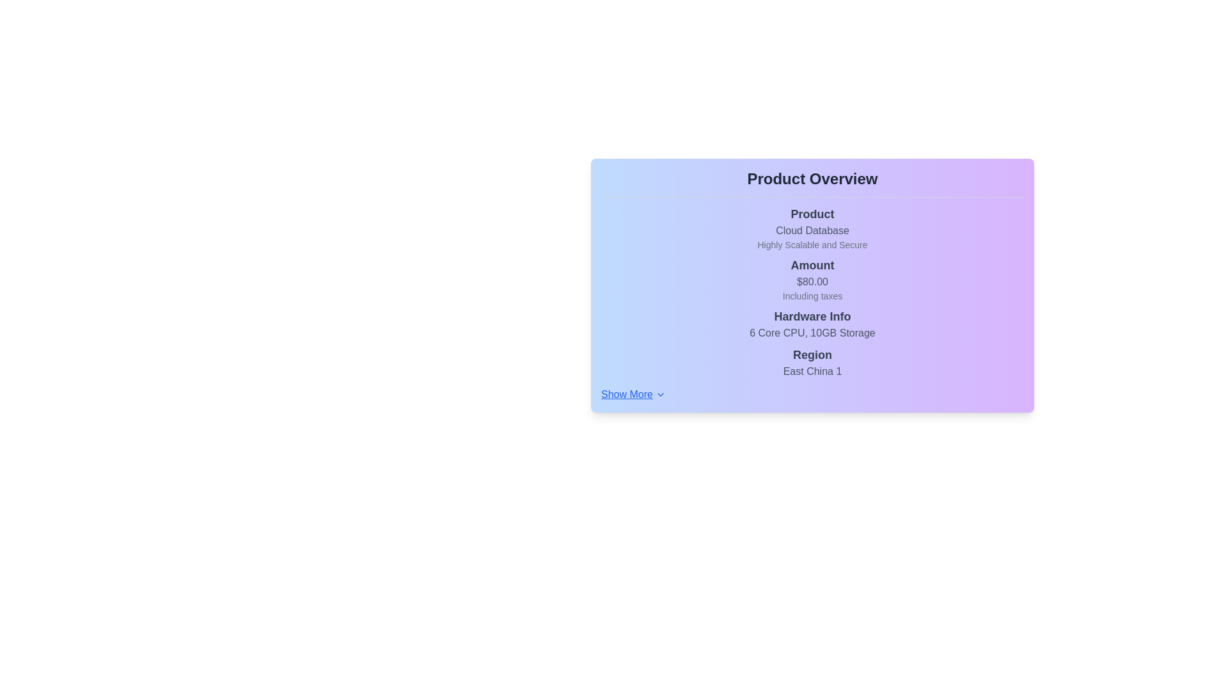 The image size is (1228, 691). Describe the element at coordinates (812, 179) in the screenshot. I see `text content of the bolded 'Product Overview' header located at the top of the content card with a gradient background` at that location.